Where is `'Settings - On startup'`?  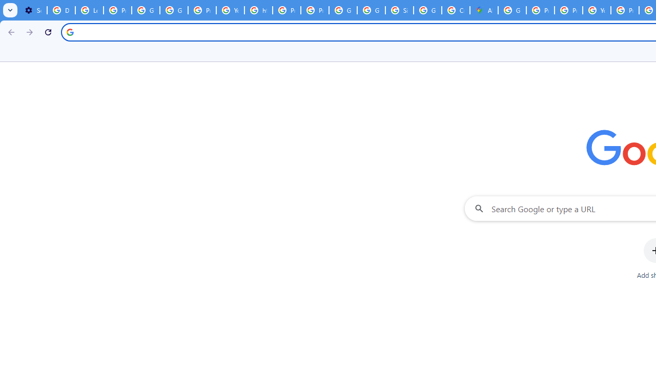
'Settings - On startup' is located at coordinates (33, 10).